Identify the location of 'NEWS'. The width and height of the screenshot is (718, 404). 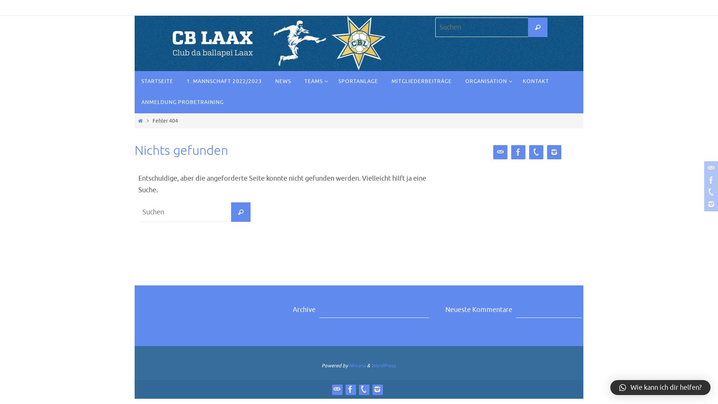
(283, 82).